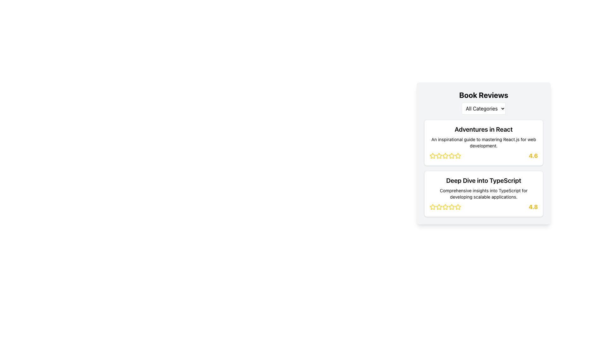 This screenshot has height=341, width=606. I want to click on the fifth star in the Star-shaped rating component representing the book 'Adventures in React' in the 'Book Reviews' interface, so click(458, 156).